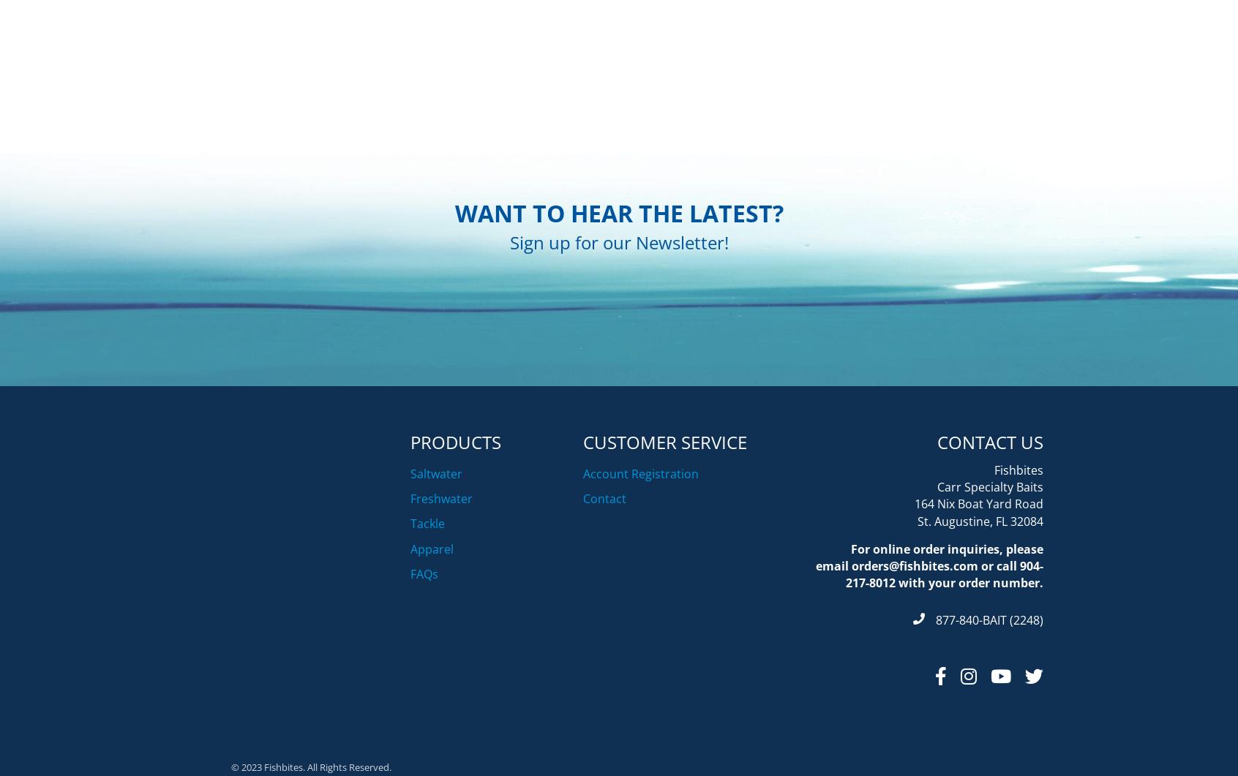 The width and height of the screenshot is (1238, 776). Describe the element at coordinates (850, 638) in the screenshot. I see `'orders@fishbites.com'` at that location.